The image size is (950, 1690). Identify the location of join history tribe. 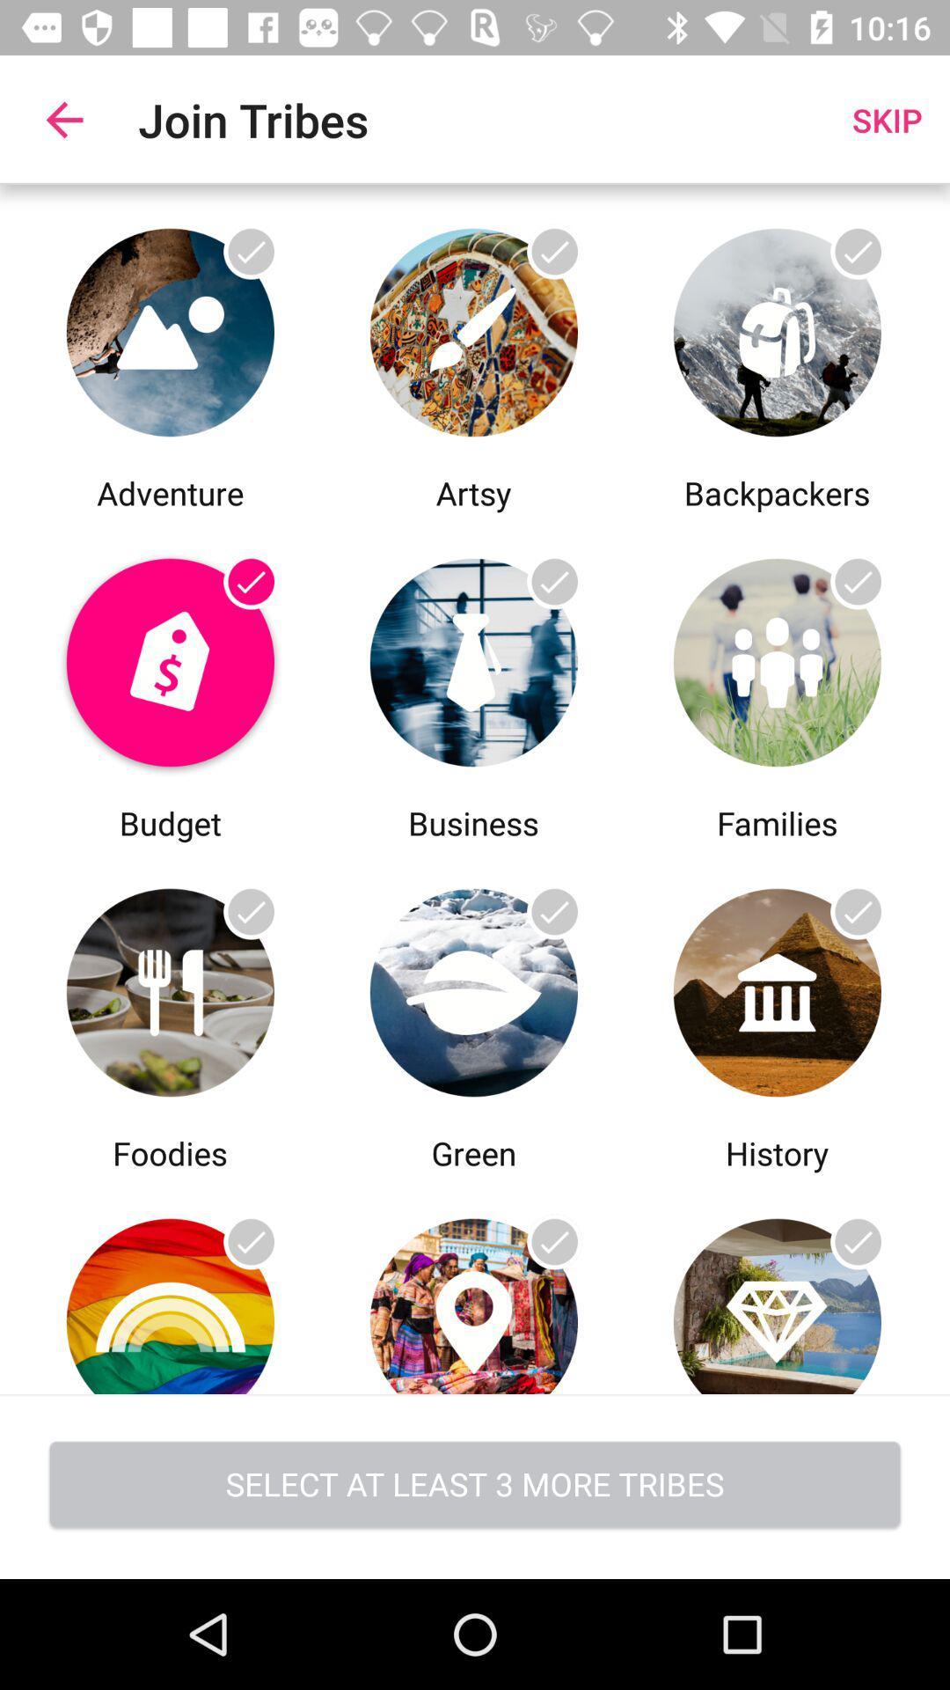
(776, 988).